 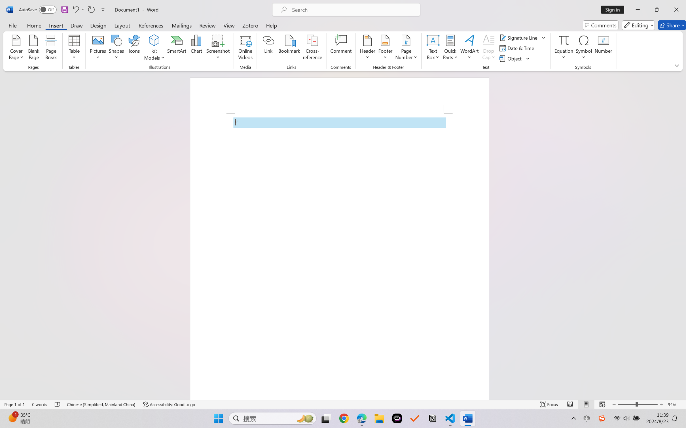 I want to click on 'Signature Line', so click(x=519, y=37).